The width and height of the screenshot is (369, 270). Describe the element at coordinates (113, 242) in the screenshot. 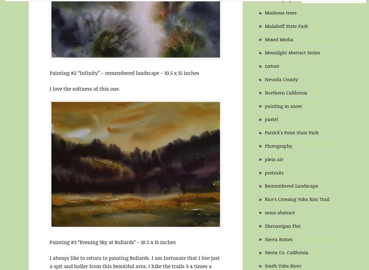

I see `'Painting #3  “Evening Sky at Bullards”  – 10.5 x 15 inches'` at that location.